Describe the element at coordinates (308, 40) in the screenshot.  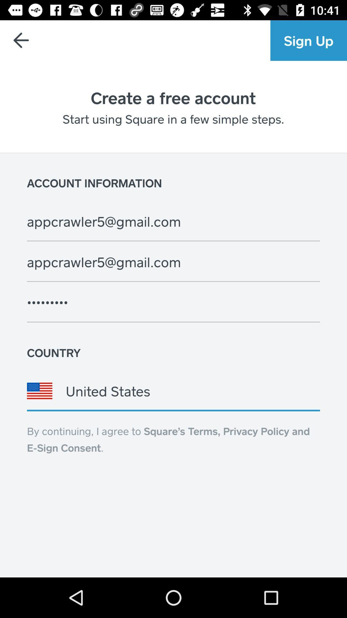
I see `sign up icon` at that location.